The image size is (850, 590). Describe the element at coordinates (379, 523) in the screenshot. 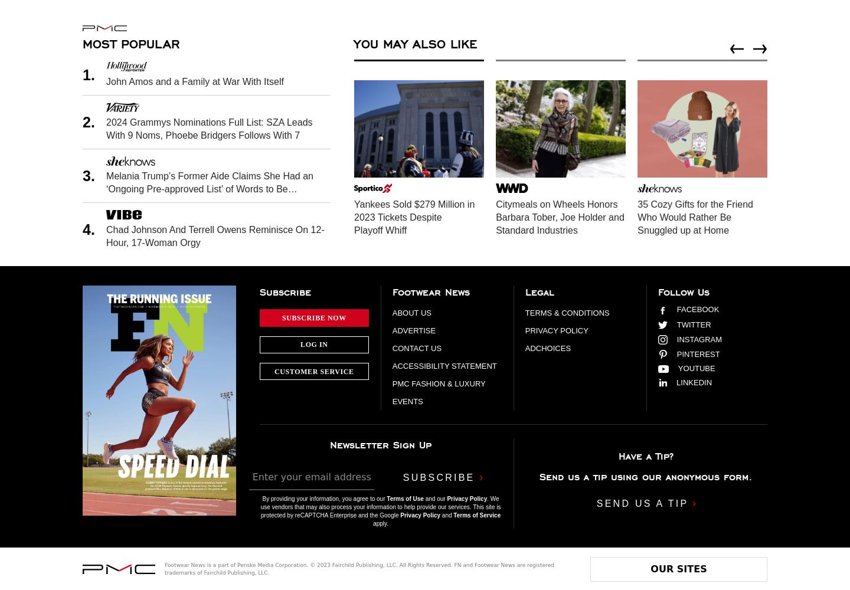

I see `'apply.'` at that location.